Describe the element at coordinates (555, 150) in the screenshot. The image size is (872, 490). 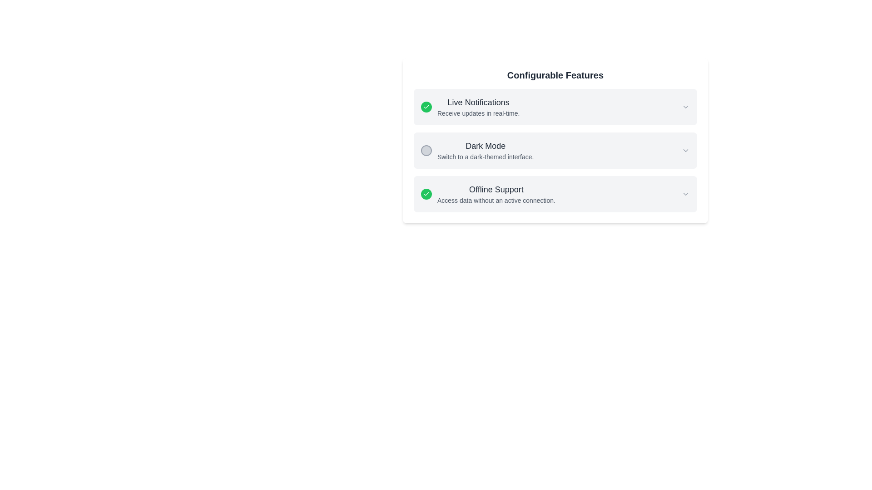
I see `the Configuration toggle located between 'Live Notifications' and 'Offline Support' to expand options for activating a dark-themed interface` at that location.